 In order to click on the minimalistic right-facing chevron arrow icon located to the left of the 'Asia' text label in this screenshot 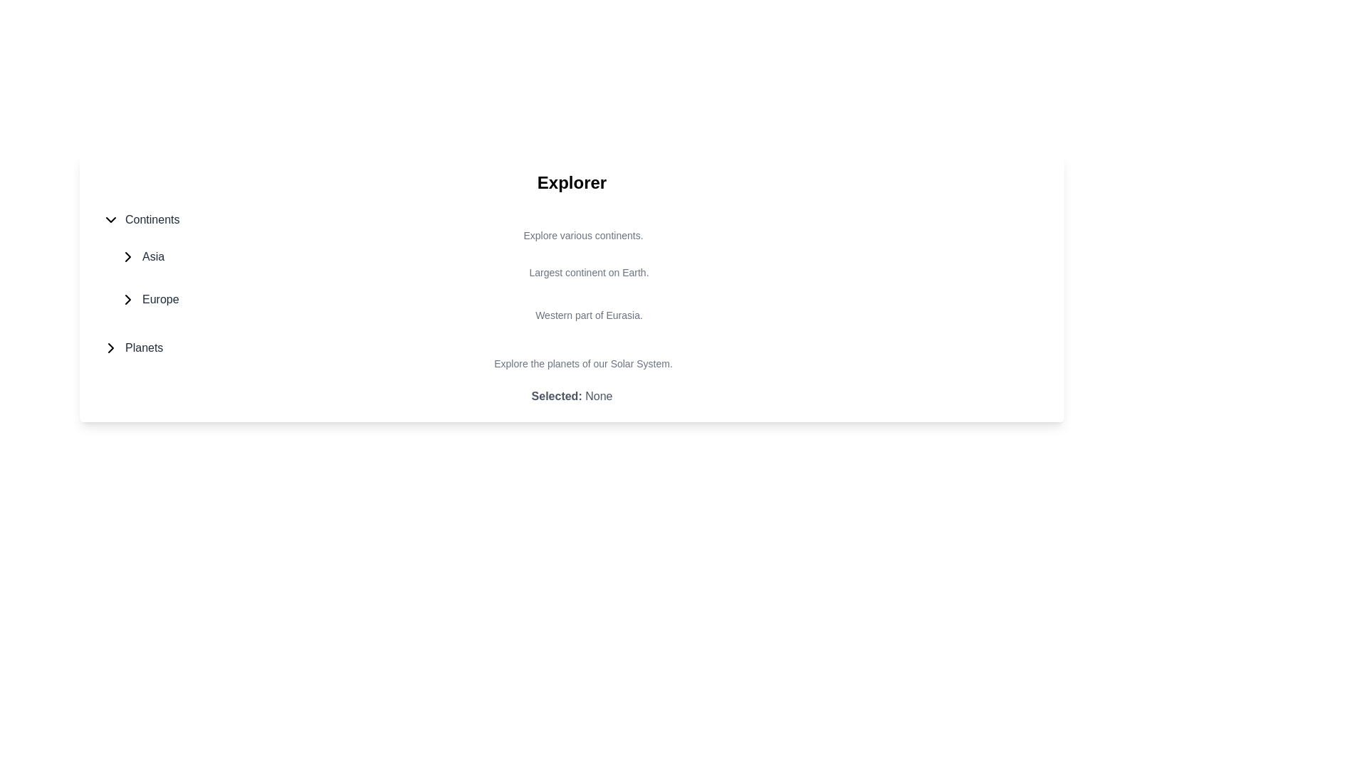, I will do `click(128, 257)`.